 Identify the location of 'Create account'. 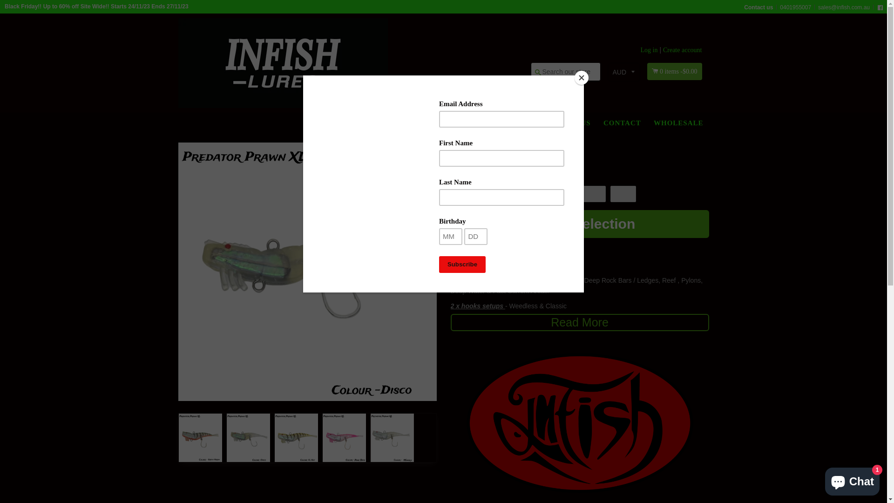
(682, 50).